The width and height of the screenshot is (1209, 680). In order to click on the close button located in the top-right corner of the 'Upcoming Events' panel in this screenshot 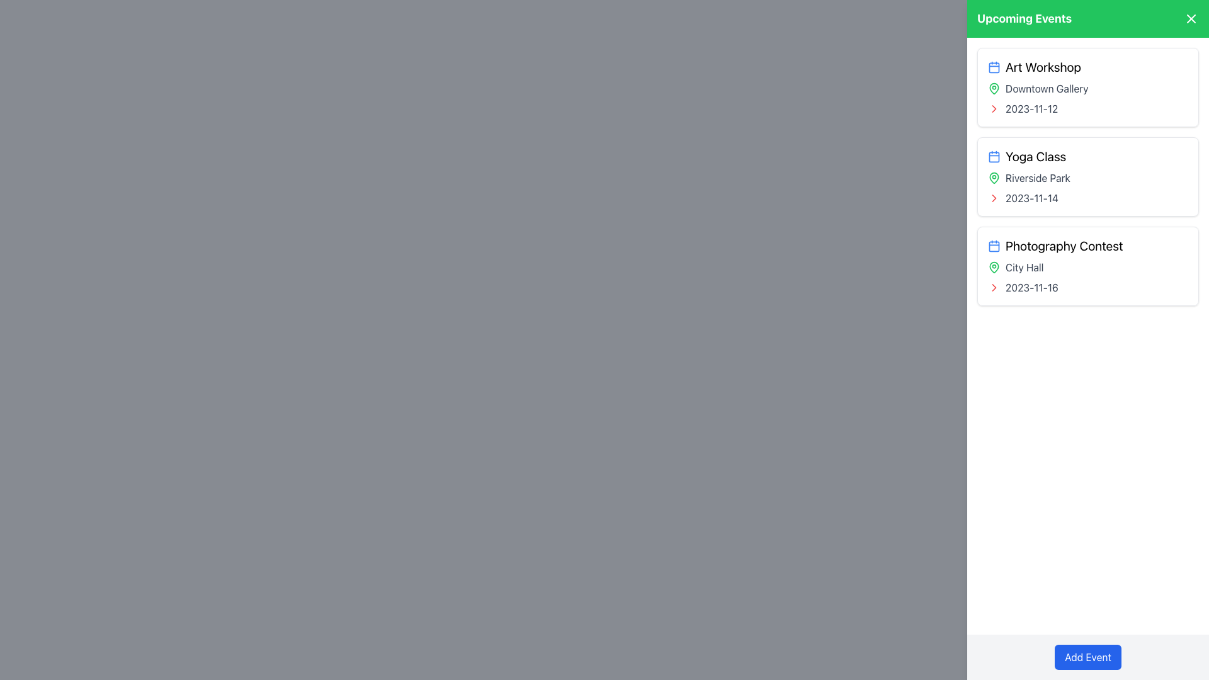, I will do `click(1190, 19)`.